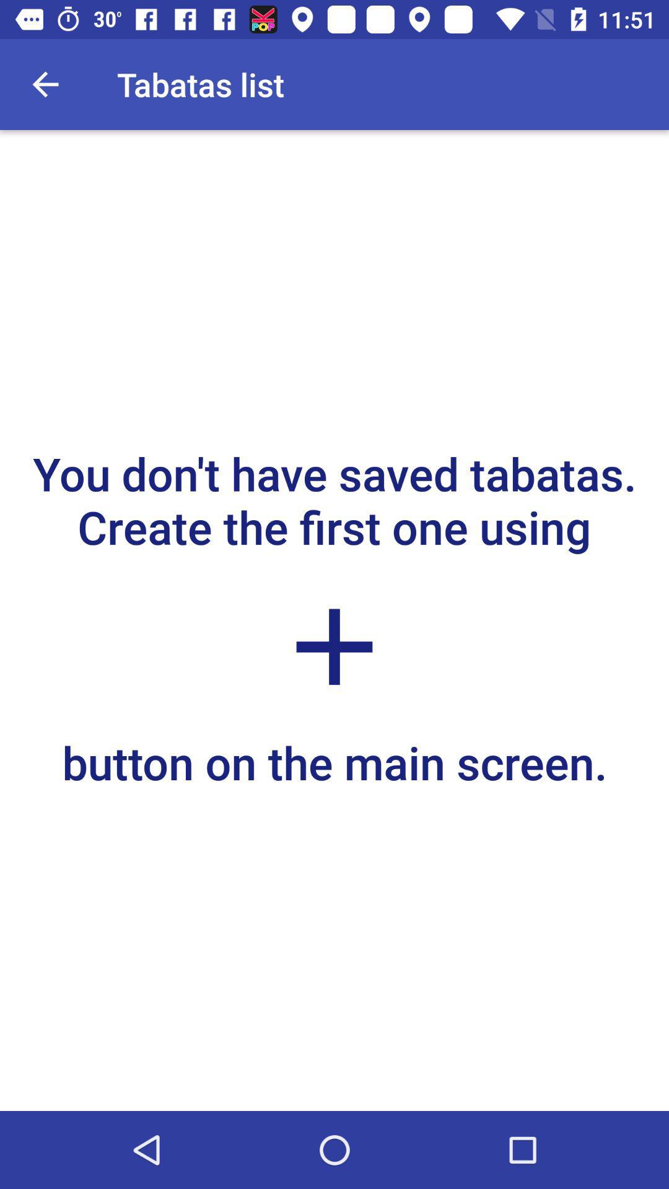  What do you see at coordinates (334, 646) in the screenshot?
I see `icon below the you don t` at bounding box center [334, 646].